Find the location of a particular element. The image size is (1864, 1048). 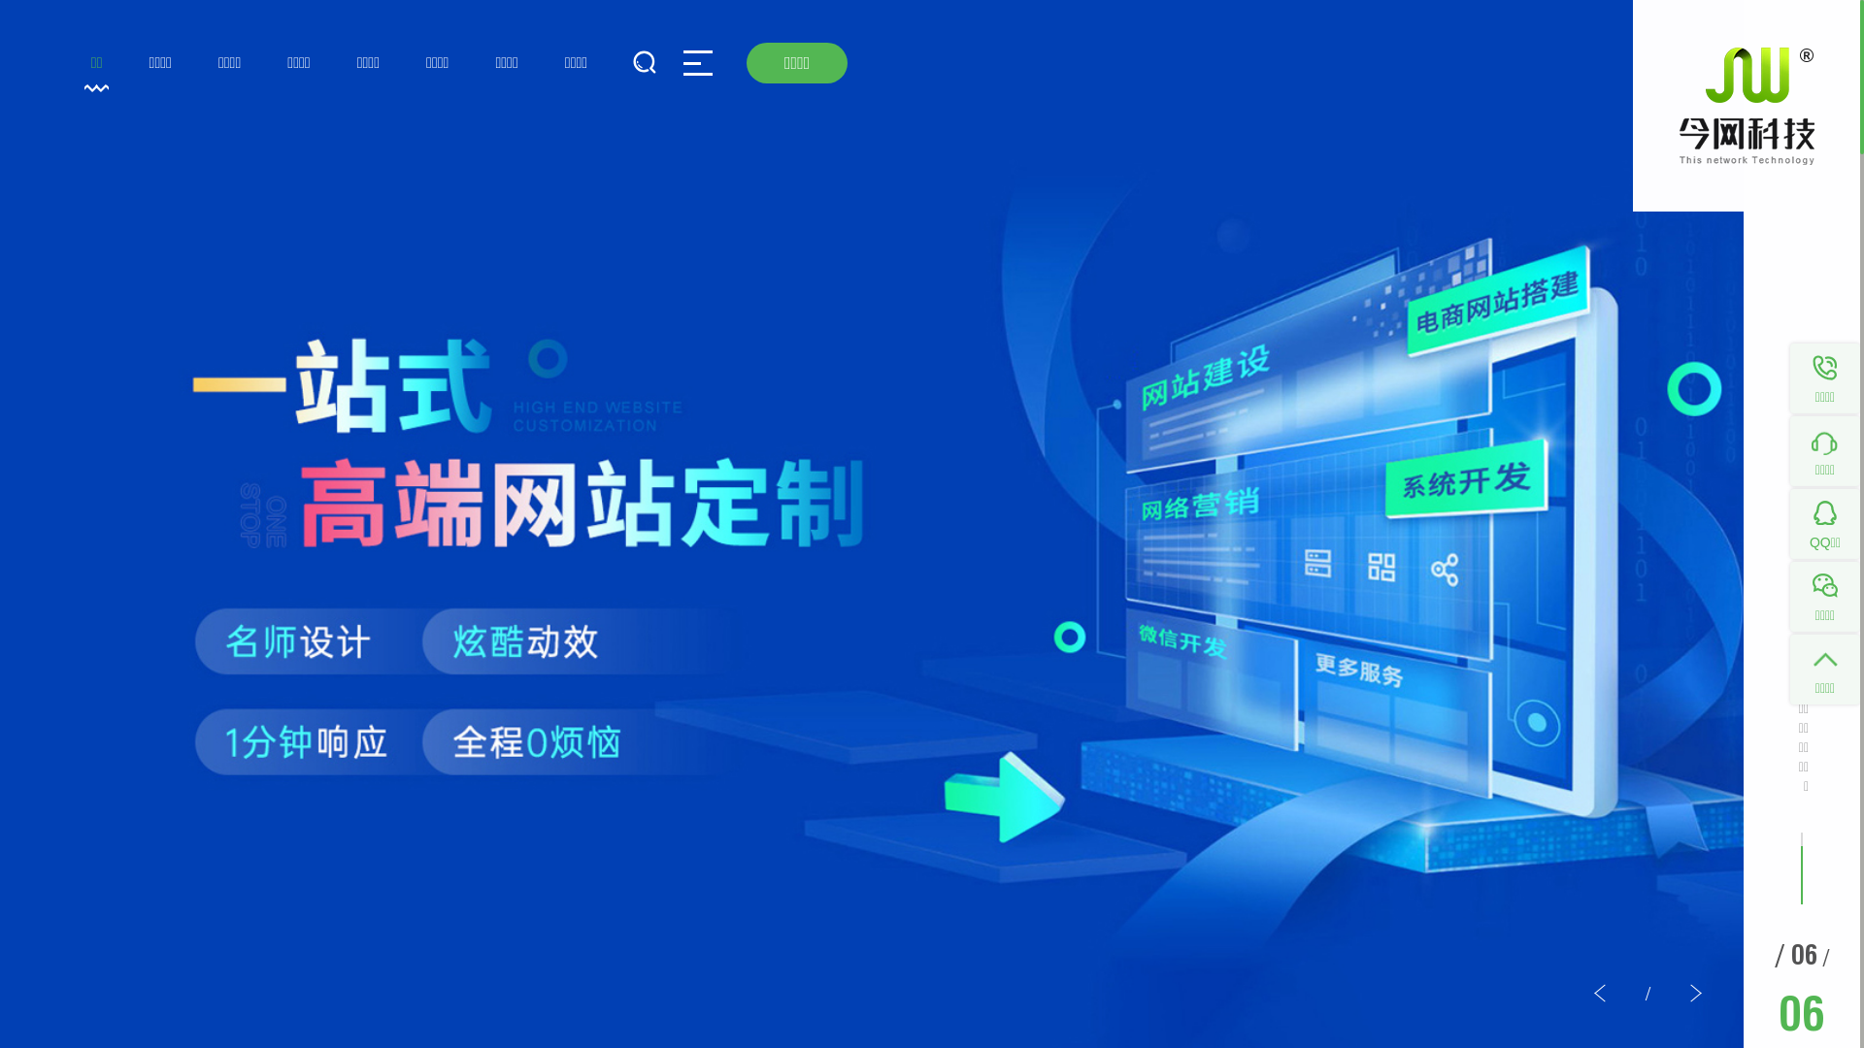

'>' is located at coordinates (1694, 993).